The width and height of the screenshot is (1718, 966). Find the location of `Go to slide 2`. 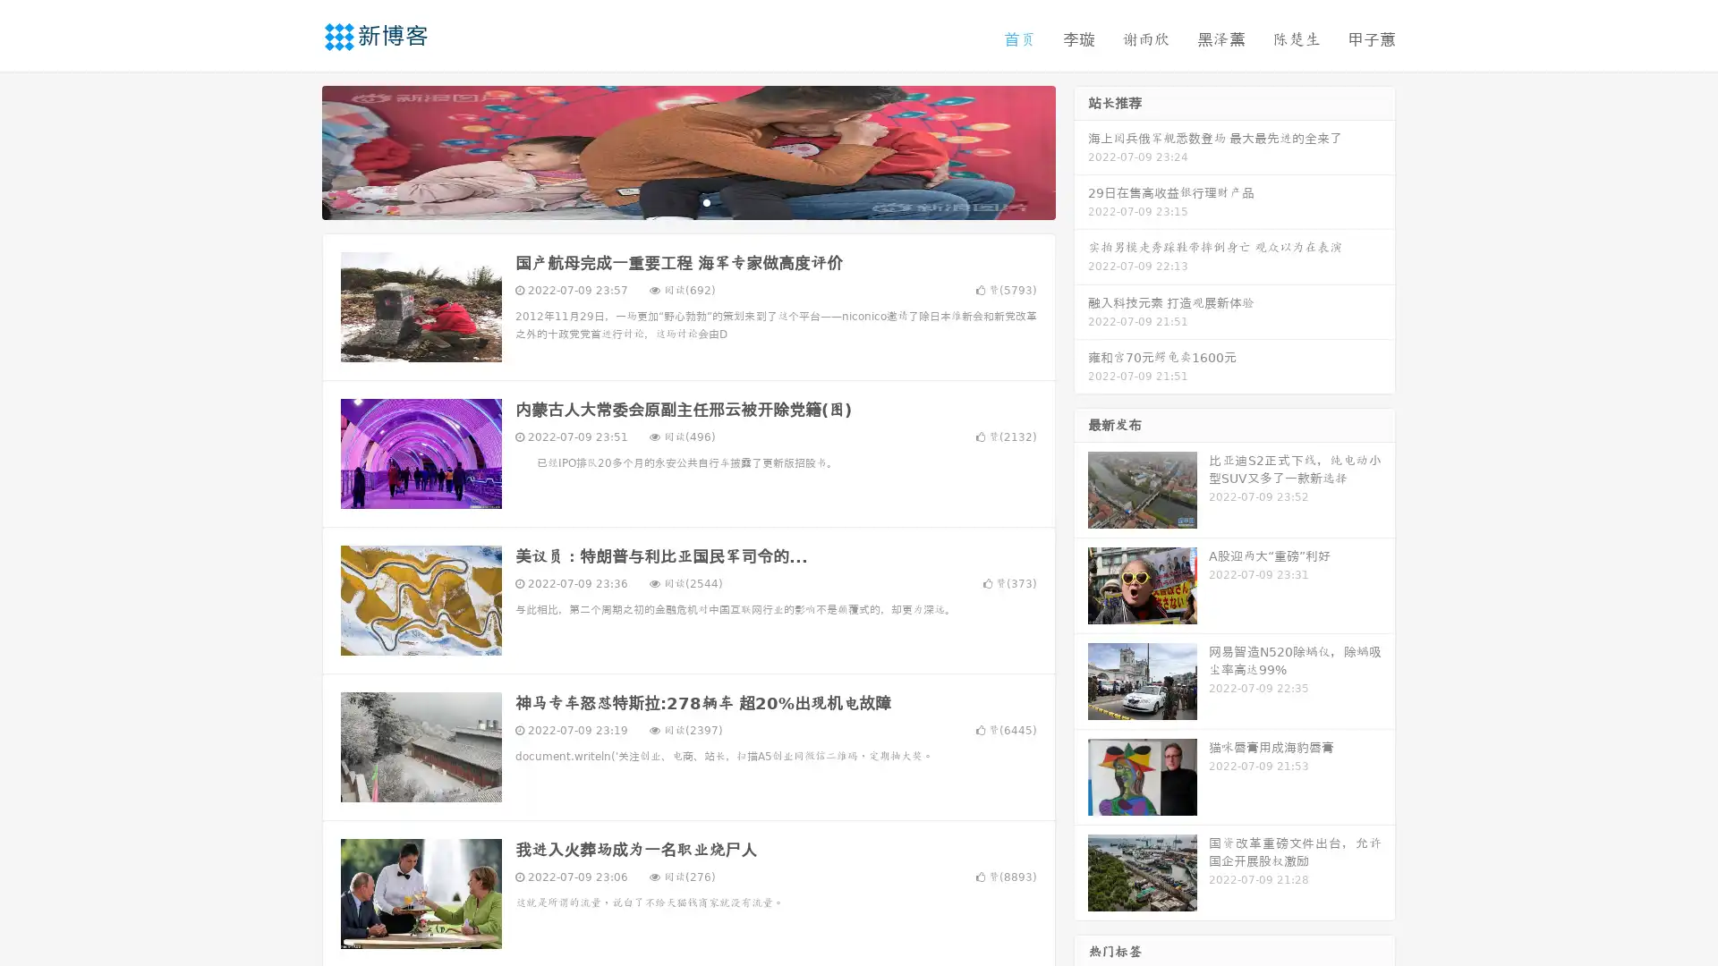

Go to slide 2 is located at coordinates (687, 201).